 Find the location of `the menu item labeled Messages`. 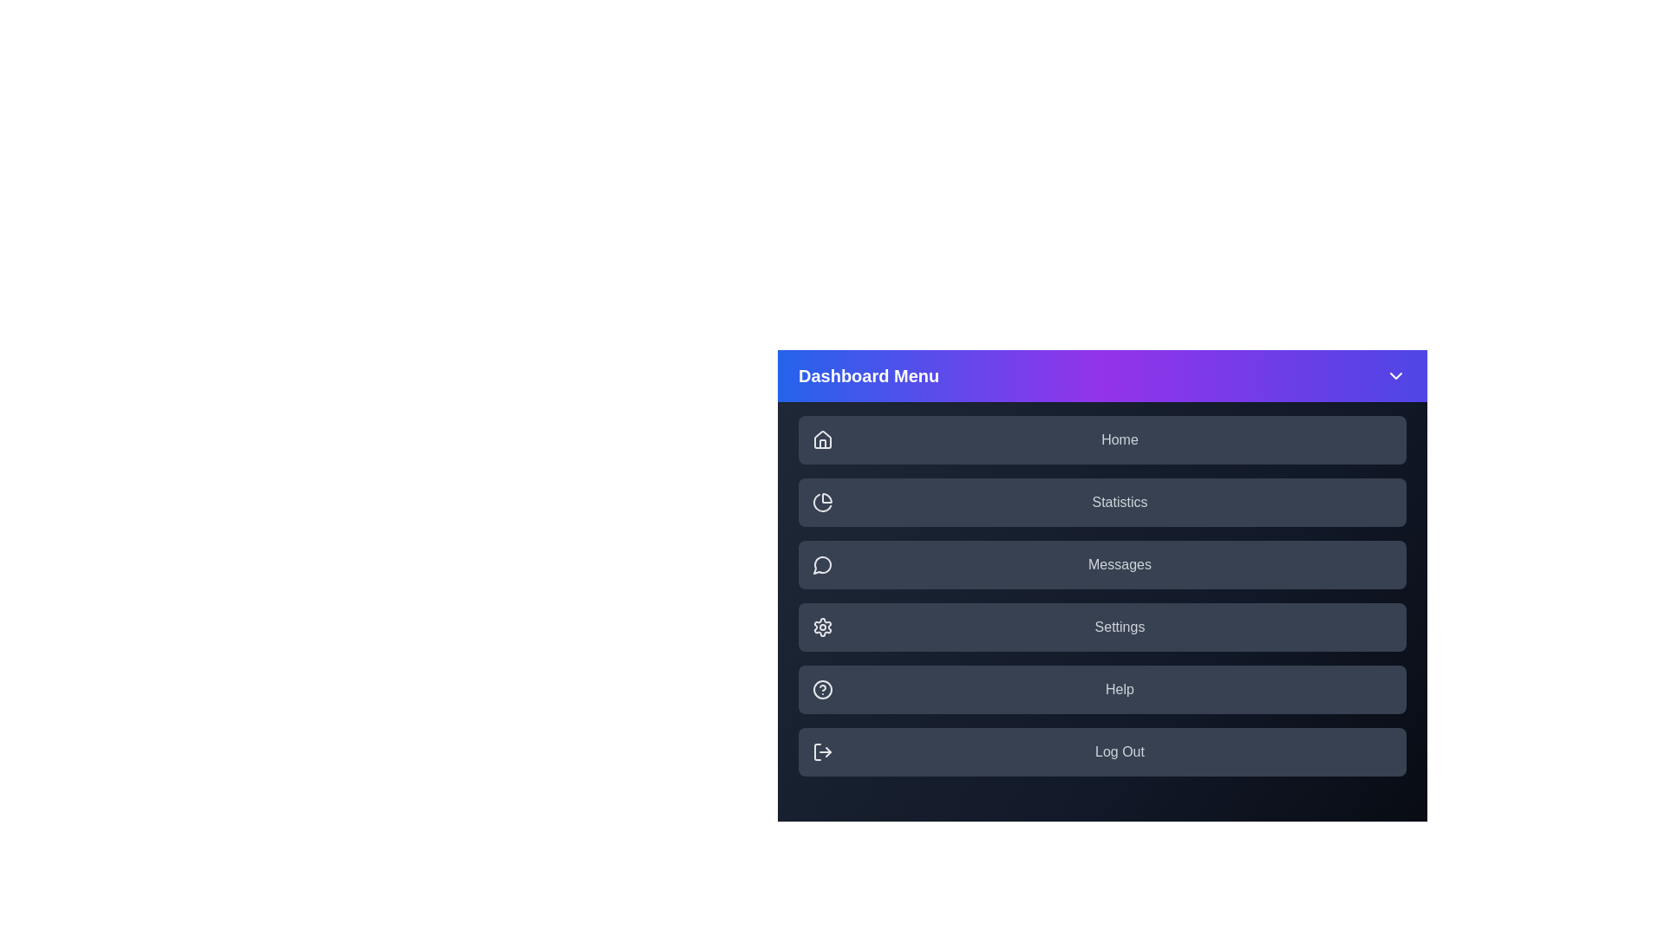

the menu item labeled Messages is located at coordinates (1101, 564).